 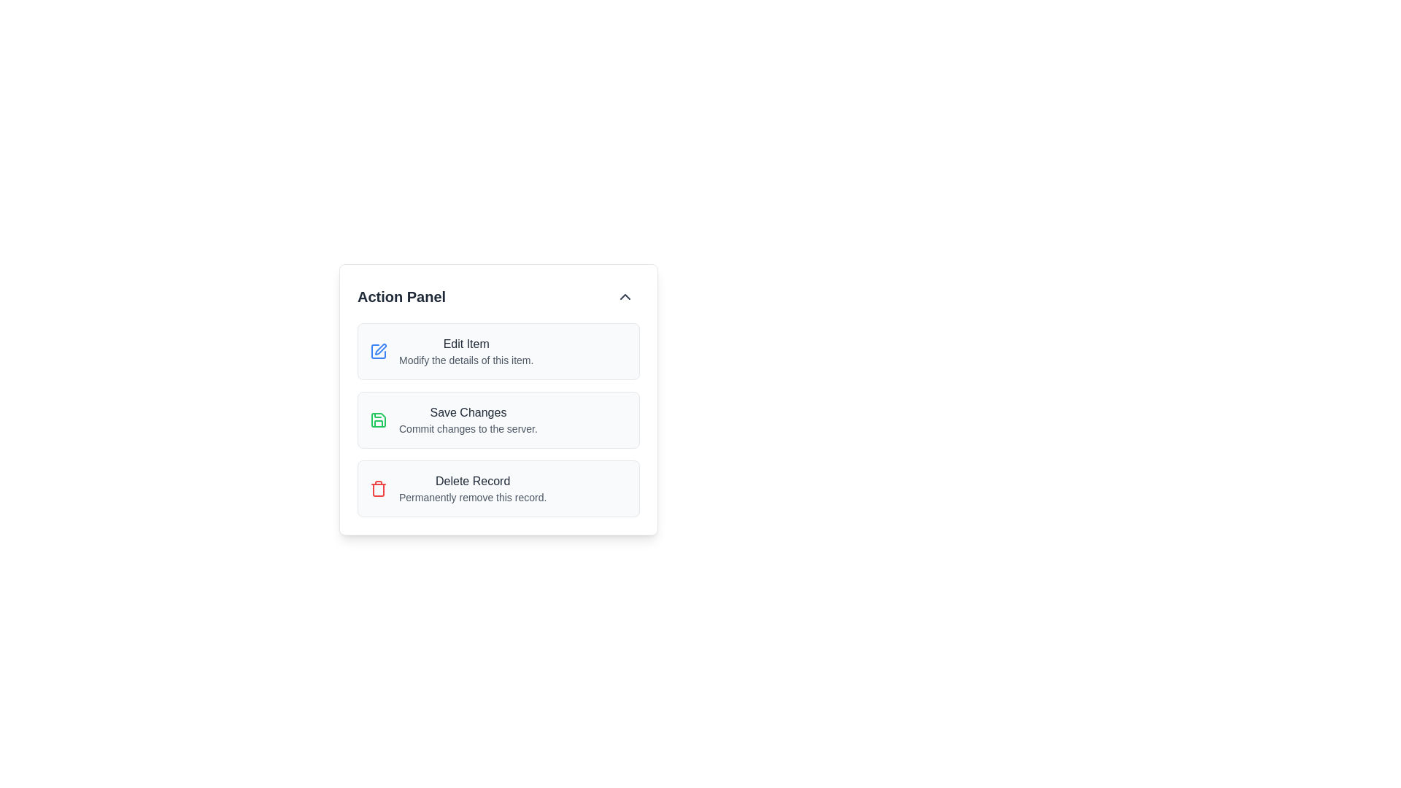 What do you see at coordinates (378, 352) in the screenshot?
I see `the decorative square outline icon with rounded corners located to the left of the 'Edit Item' label in the second row of the 'Action Panel' card` at bounding box center [378, 352].